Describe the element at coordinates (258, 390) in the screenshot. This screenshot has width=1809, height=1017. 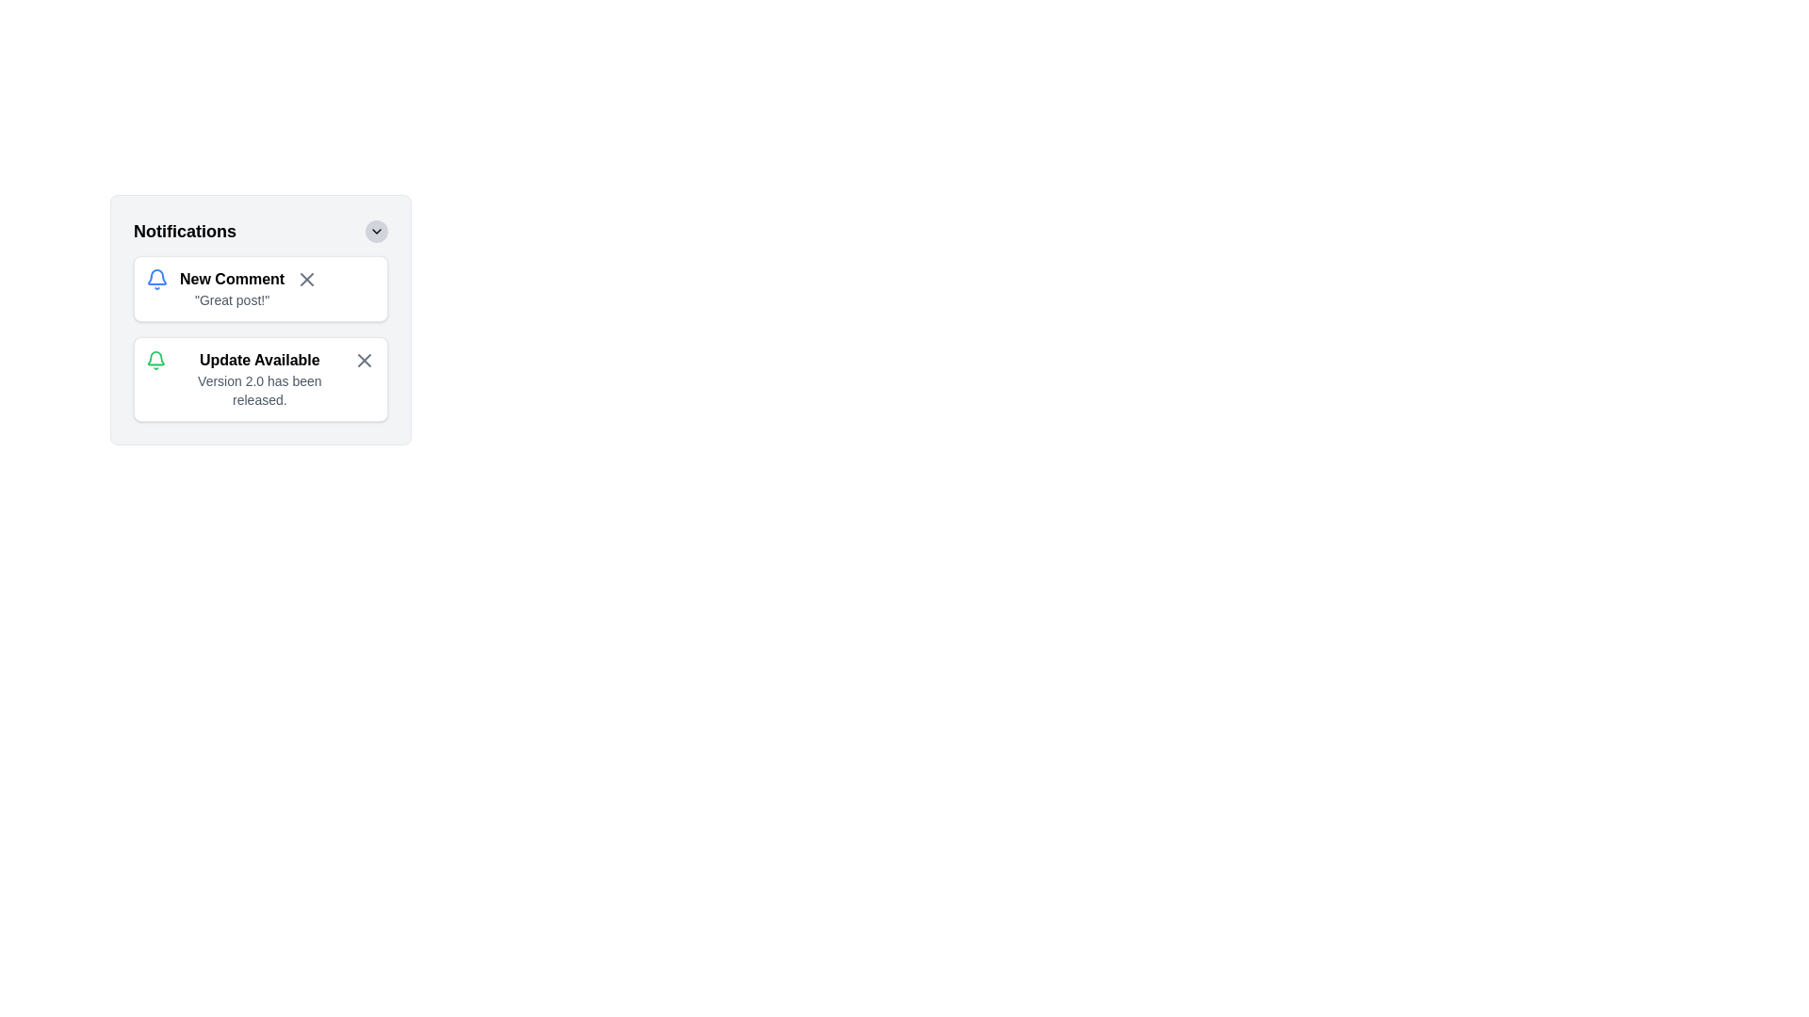
I see `descriptive message about the update announcing the release of Version 2.0 located within the notification card titled 'Update Available.'` at that location.